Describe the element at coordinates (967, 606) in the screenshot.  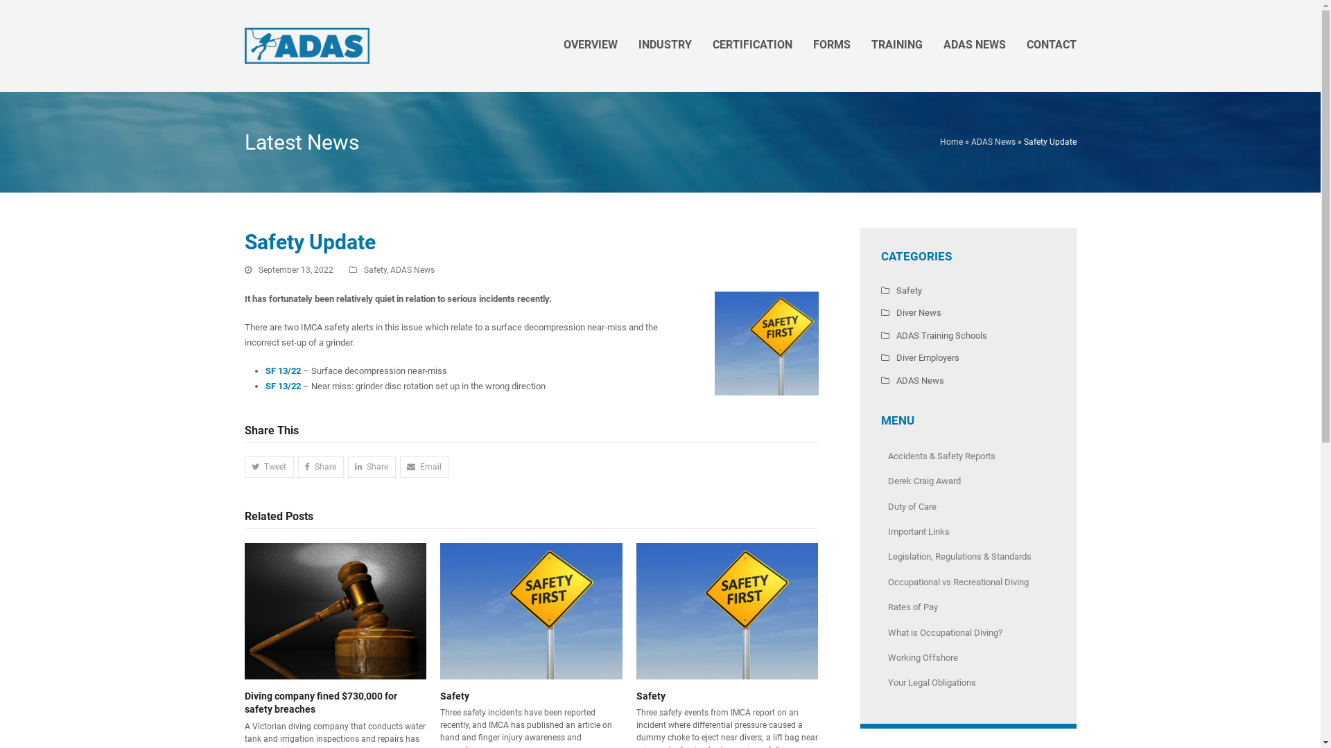
I see `'Rates of Pay'` at that location.